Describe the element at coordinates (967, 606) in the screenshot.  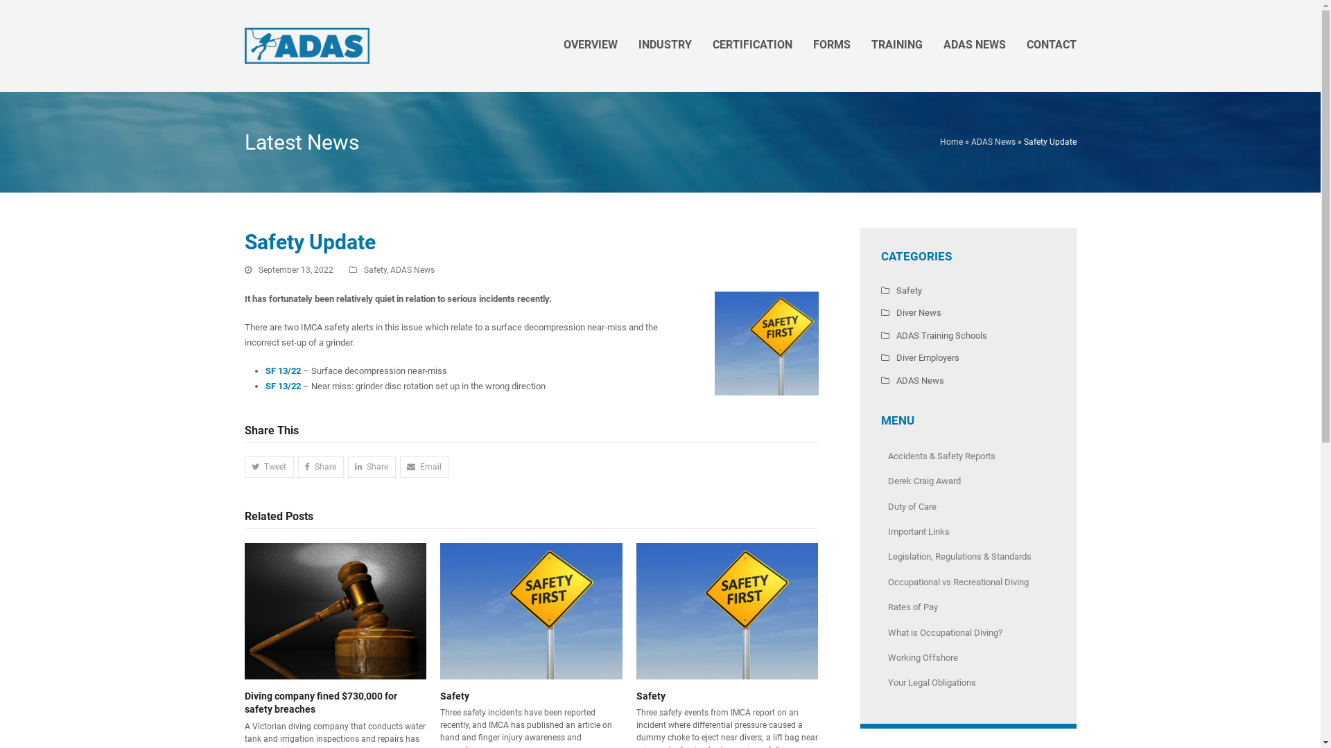
I see `'Rates of Pay'` at that location.